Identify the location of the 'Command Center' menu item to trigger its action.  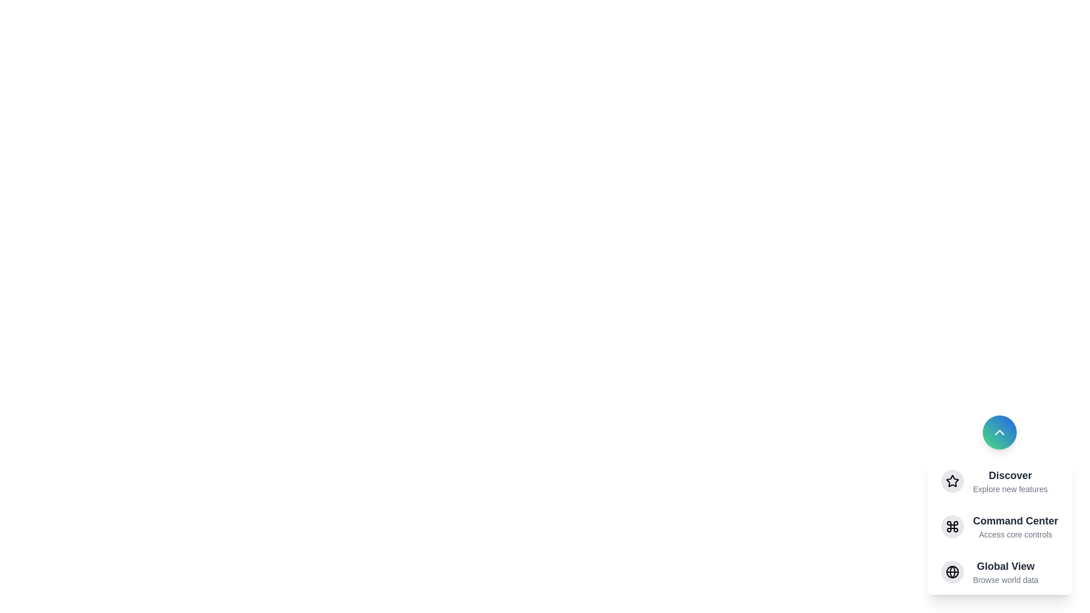
(1015, 527).